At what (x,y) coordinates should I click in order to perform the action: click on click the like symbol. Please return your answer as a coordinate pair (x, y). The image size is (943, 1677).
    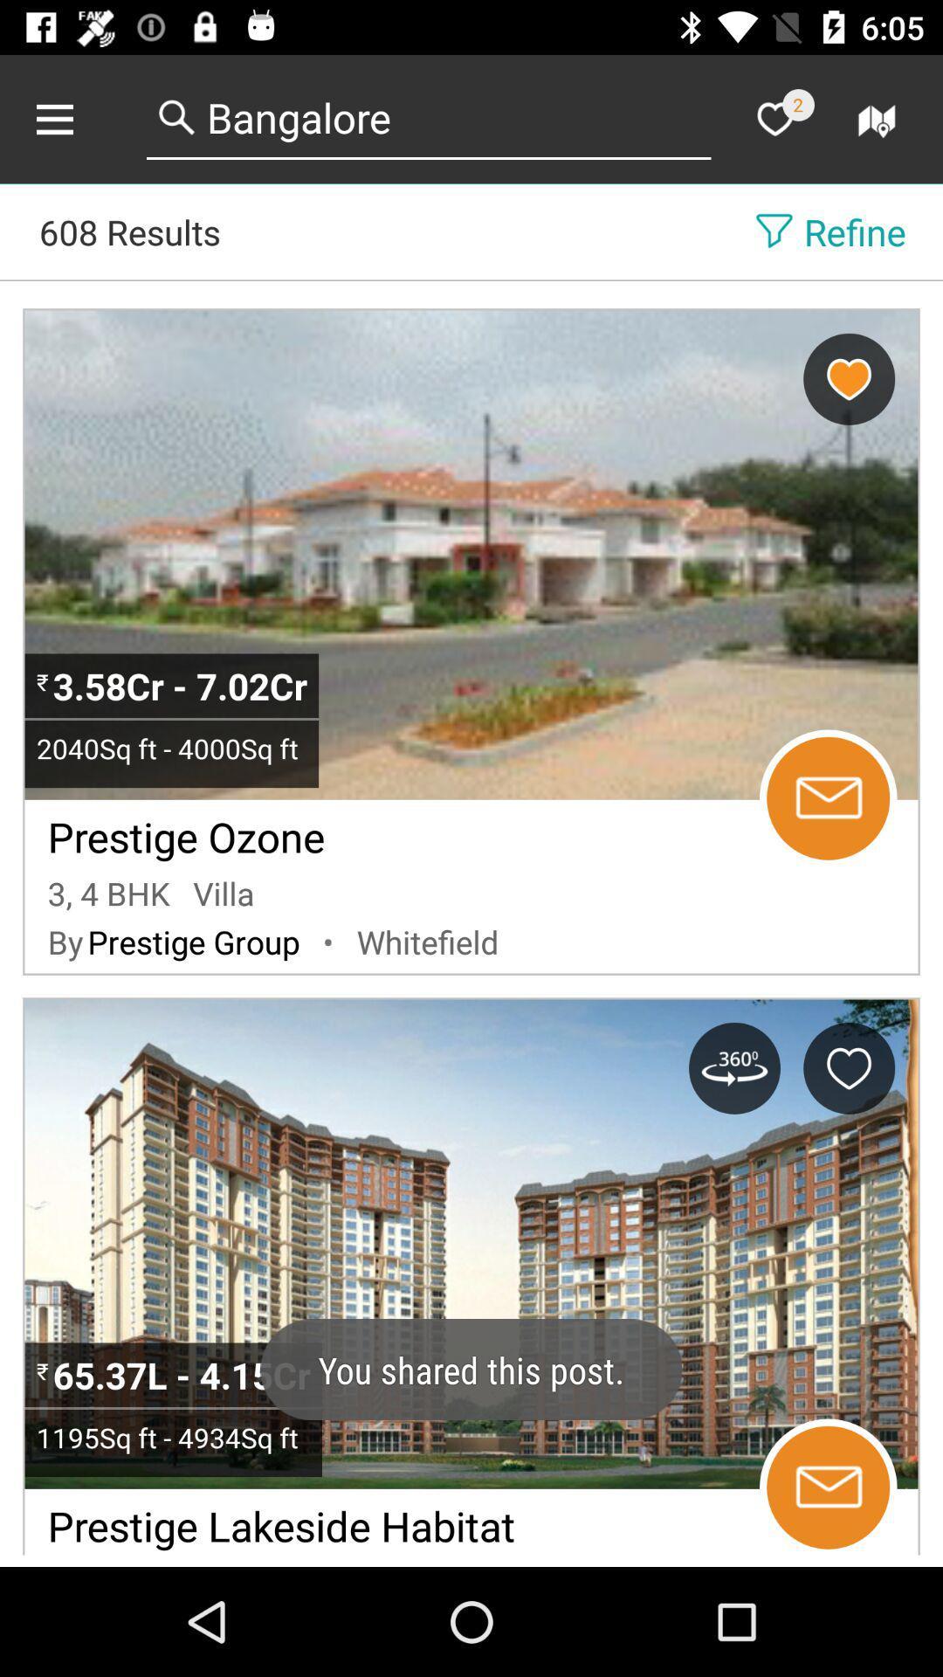
    Looking at the image, I should click on (774, 118).